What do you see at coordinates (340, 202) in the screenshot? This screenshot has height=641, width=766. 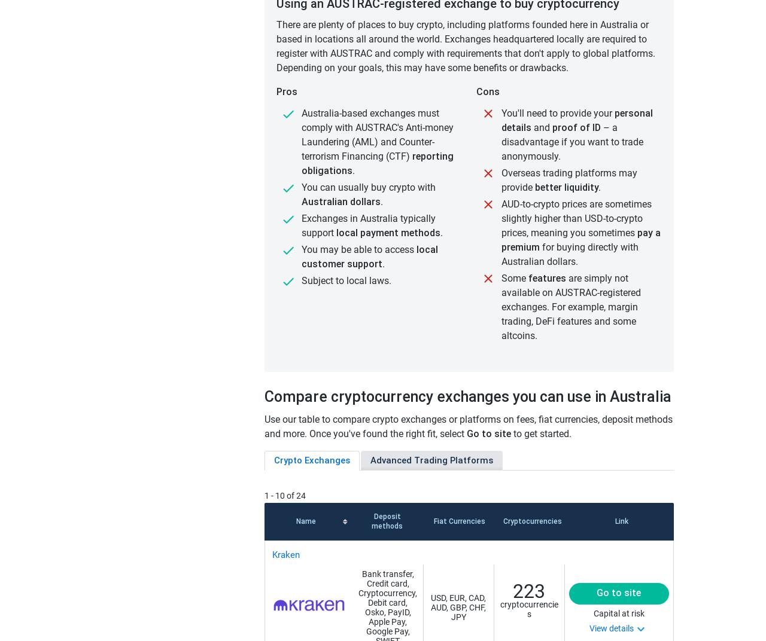 I see `'Australian dollars'` at bounding box center [340, 202].